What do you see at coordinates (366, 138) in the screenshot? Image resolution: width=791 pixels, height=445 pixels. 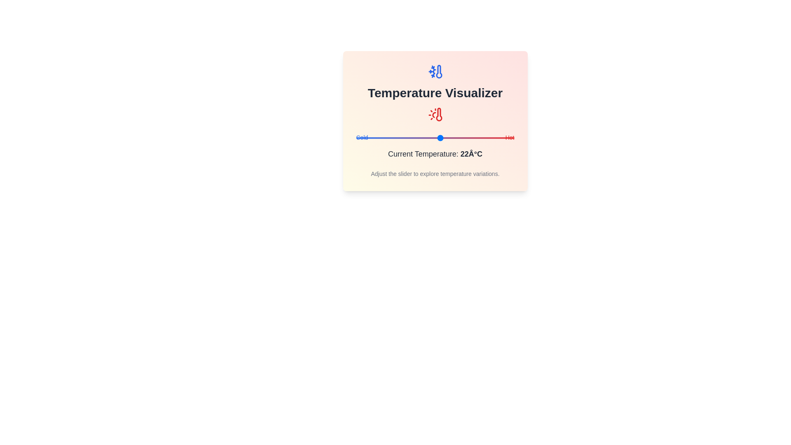 I see `the slider to set the temperature to -6°C` at bounding box center [366, 138].